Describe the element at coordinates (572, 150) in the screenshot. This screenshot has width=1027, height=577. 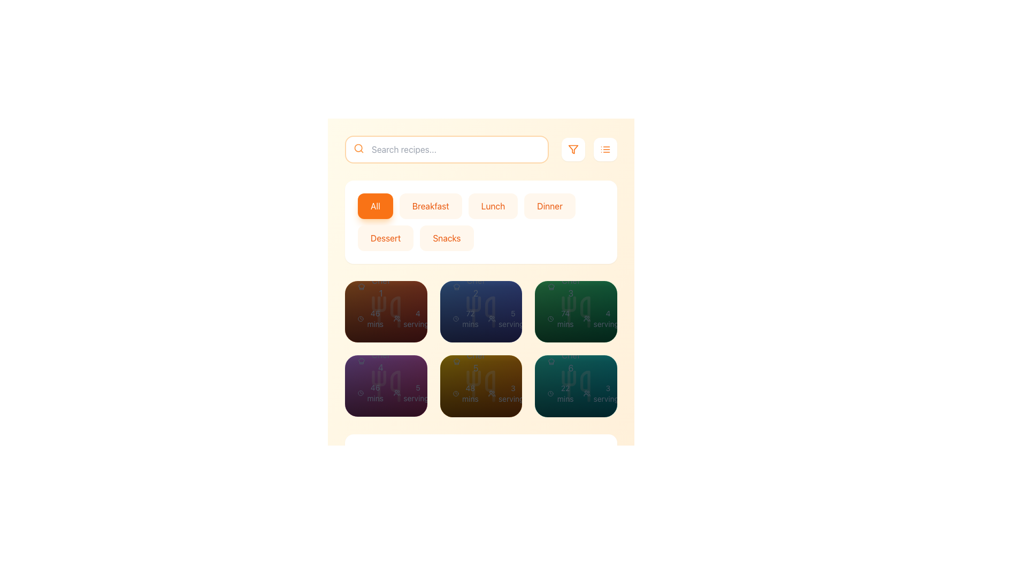
I see `the filter button with an SVG icon located at the top-right region of the interface` at that location.